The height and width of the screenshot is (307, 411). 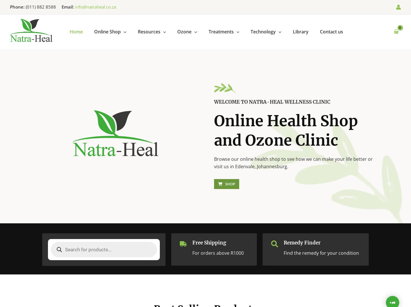 What do you see at coordinates (68, 6) in the screenshot?
I see `'Email:'` at bounding box center [68, 6].